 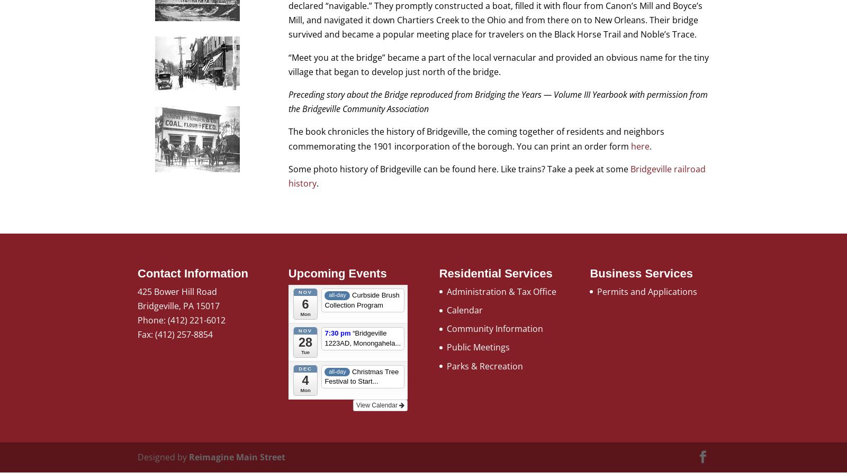 I want to click on 'Residential Services', so click(x=495, y=272).